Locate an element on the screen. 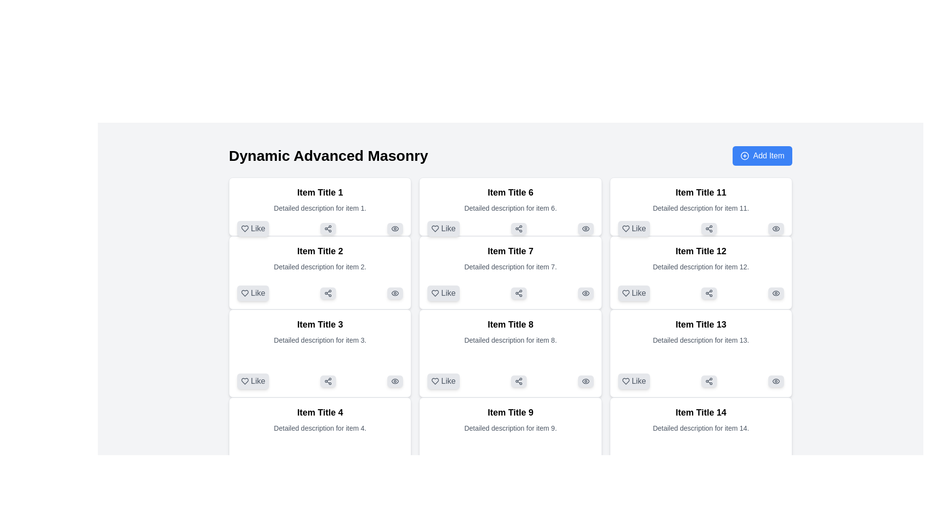 Image resolution: width=939 pixels, height=528 pixels. the 'Like' button with a heart icon located in the second card of the grid layout, positioned in the leftmost column and second row, as the first button on the left among similar buttons is located at coordinates (253, 293).